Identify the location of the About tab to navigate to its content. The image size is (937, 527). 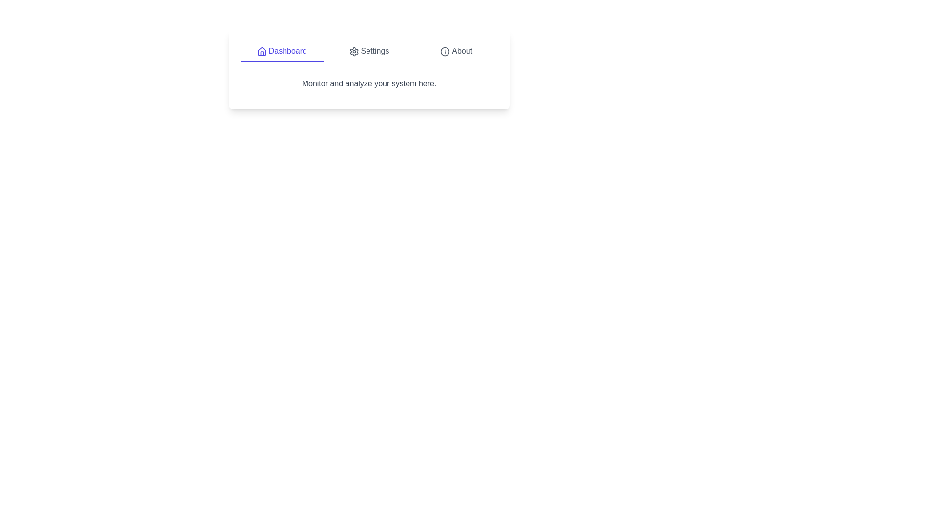
(456, 51).